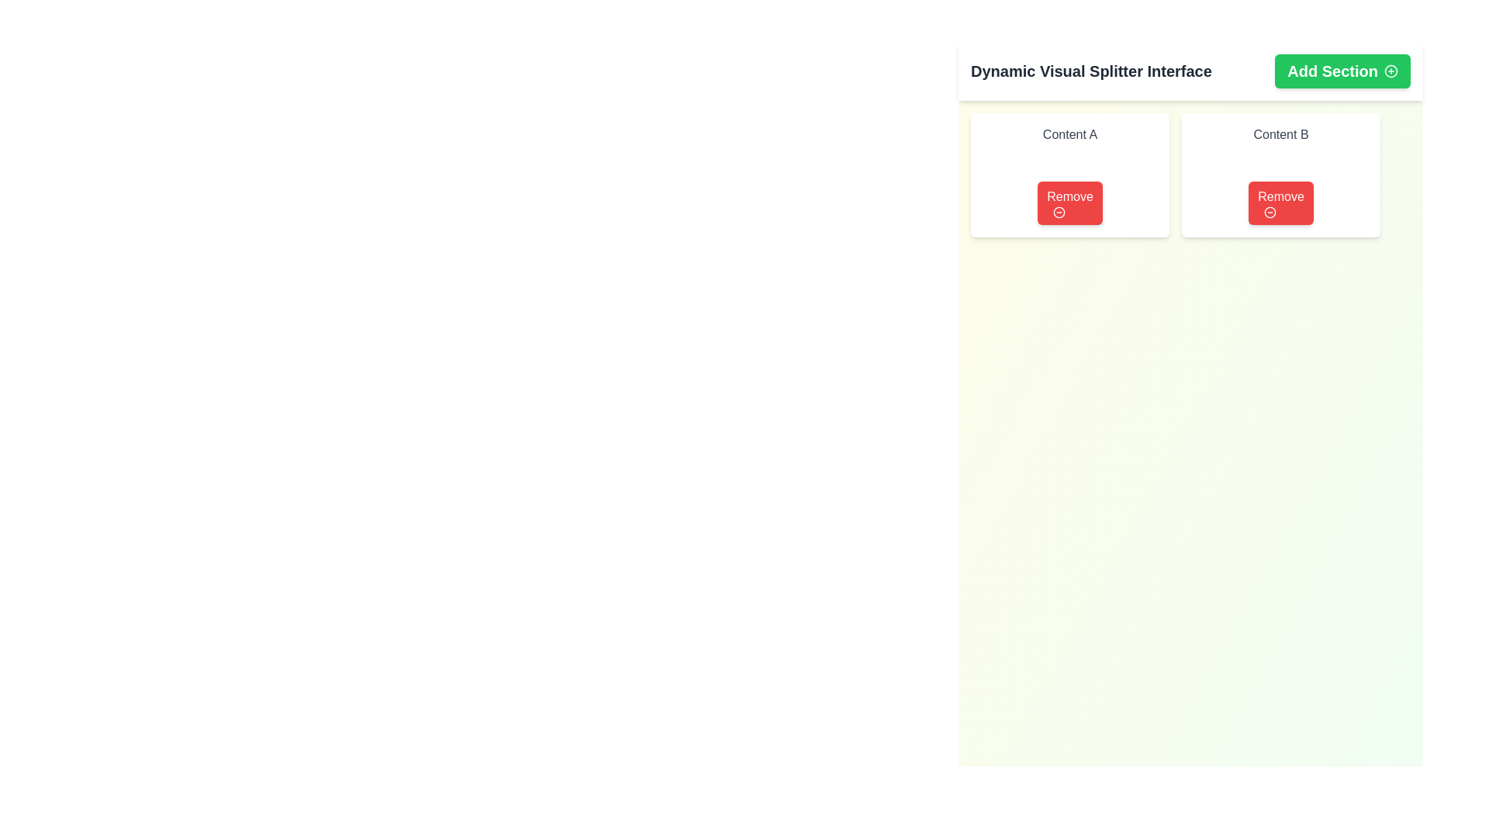 This screenshot has height=838, width=1489. What do you see at coordinates (1342, 71) in the screenshot?
I see `the green 'Add Section' button with rounded corners located at the top-right corner of the interface` at bounding box center [1342, 71].